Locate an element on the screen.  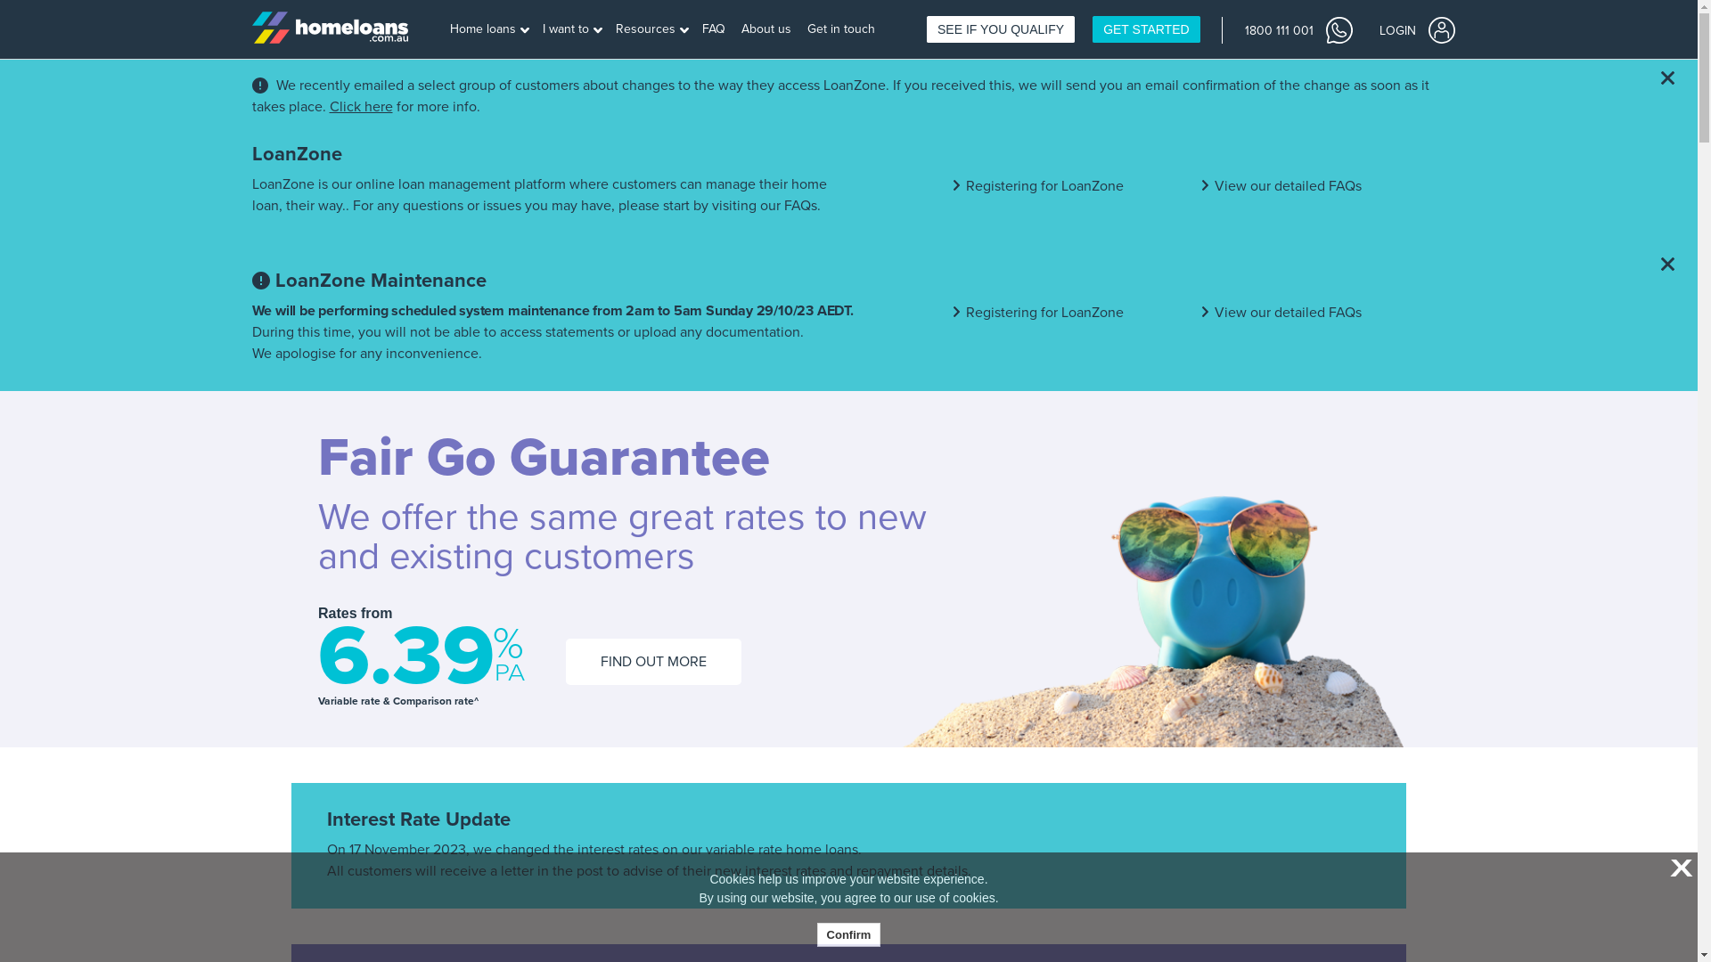
'GET STARTED' is located at coordinates (1146, 29).